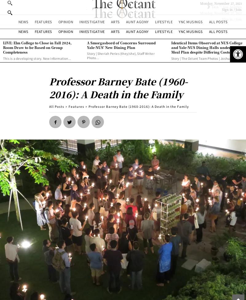 This screenshot has width=246, height=300. I want to click on 'C', so click(220, 5).